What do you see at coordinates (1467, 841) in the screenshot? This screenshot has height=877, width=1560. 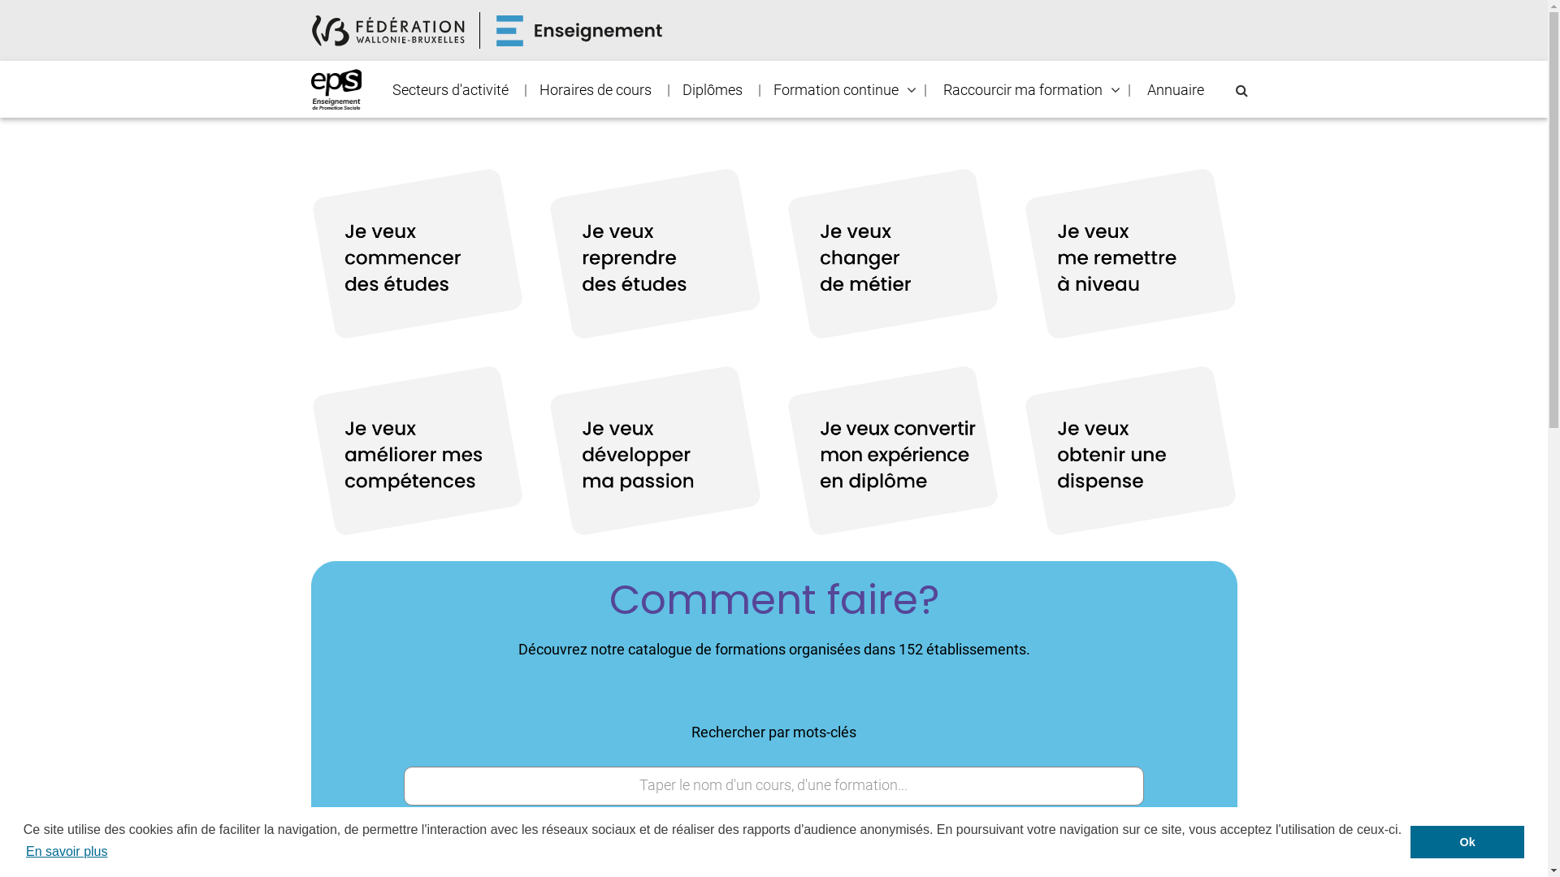 I see `'Ok'` at bounding box center [1467, 841].